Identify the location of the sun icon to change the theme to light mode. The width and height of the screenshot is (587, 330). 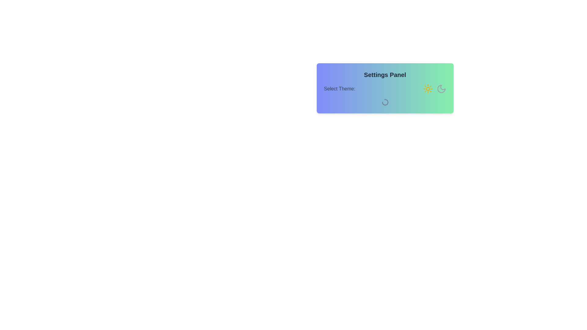
(427, 89).